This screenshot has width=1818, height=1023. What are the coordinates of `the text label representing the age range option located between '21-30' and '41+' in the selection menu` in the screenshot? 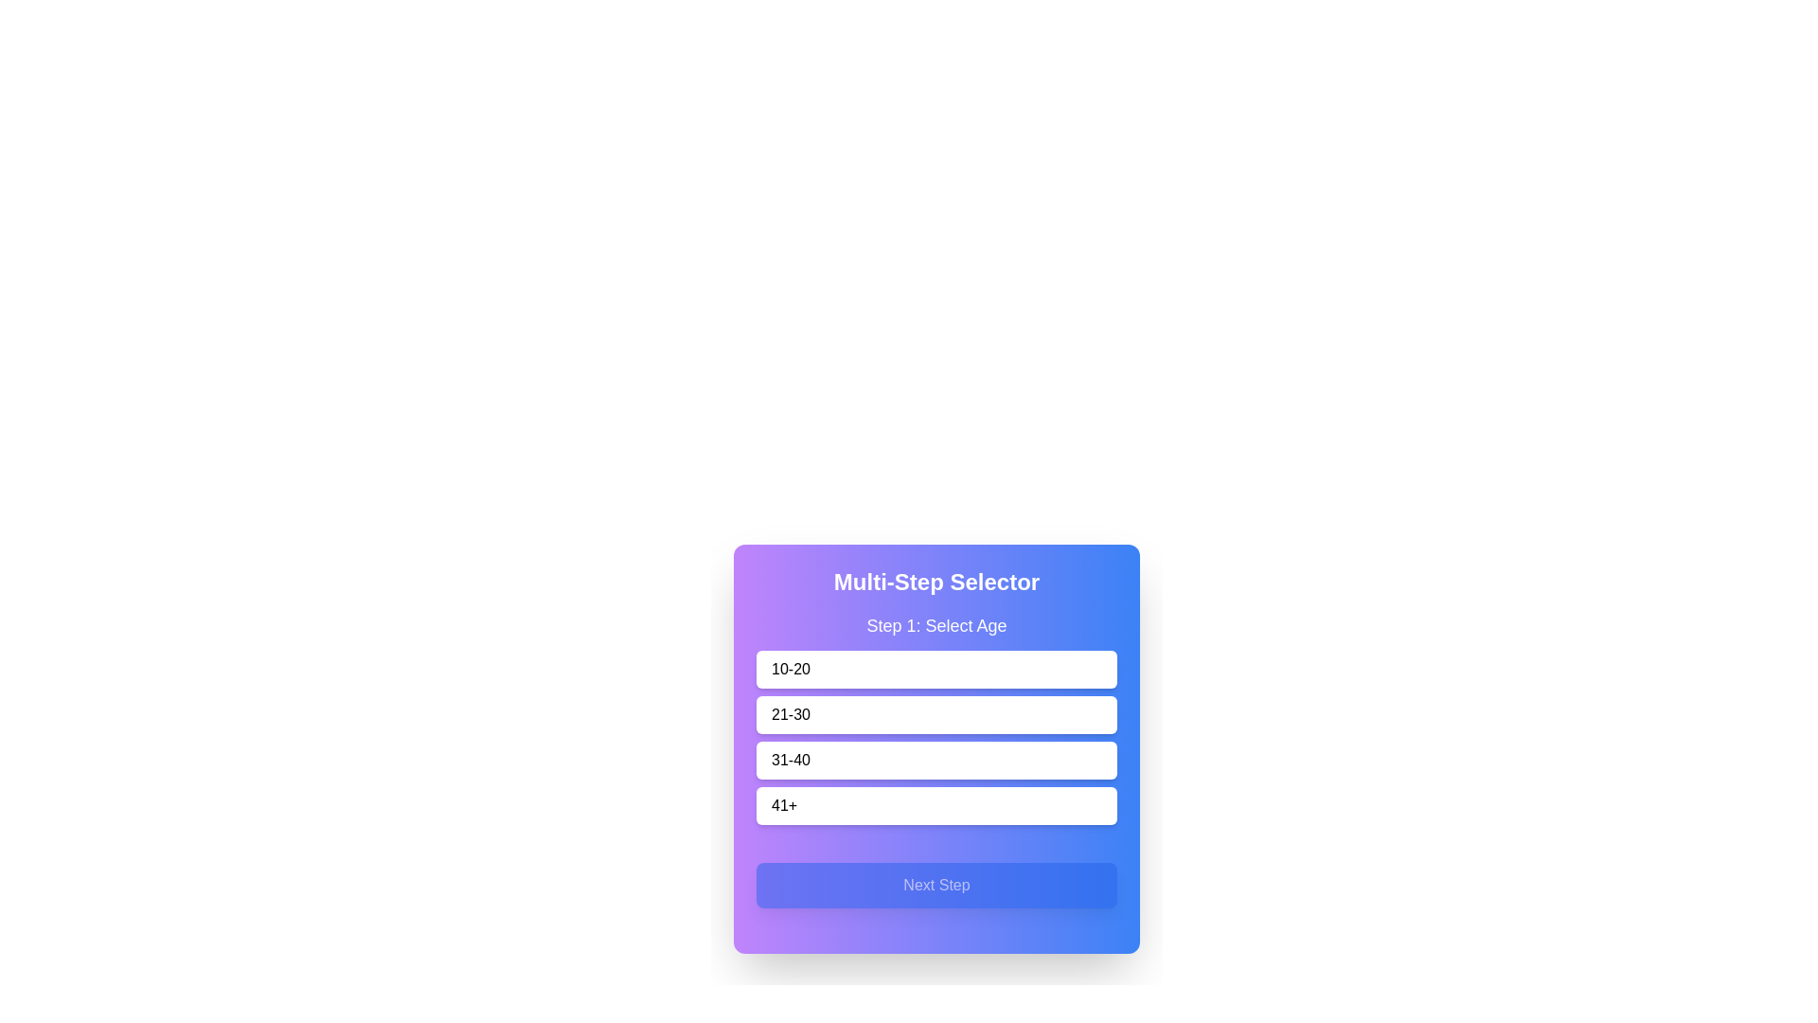 It's located at (791, 759).